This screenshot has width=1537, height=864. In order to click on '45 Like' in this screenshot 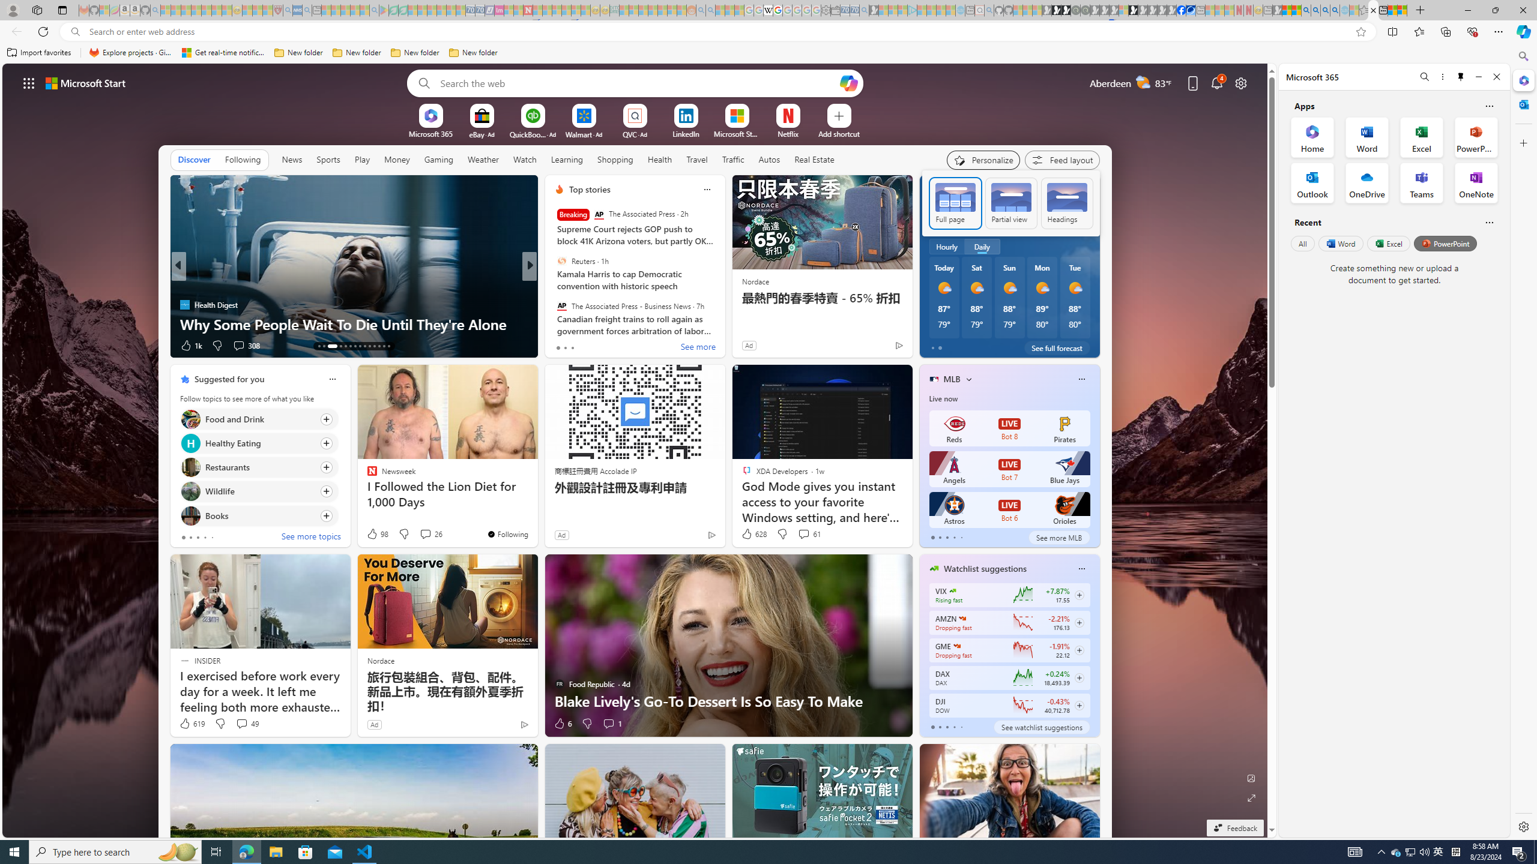, I will do `click(560, 345)`.